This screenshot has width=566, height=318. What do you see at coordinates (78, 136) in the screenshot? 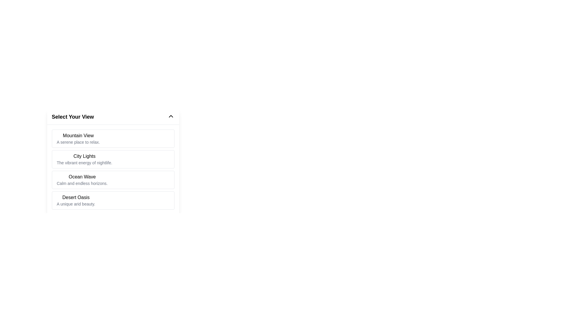
I see `the 'Mountain View' text label, which is the title of the first option in the list under 'Select Your View.'` at bounding box center [78, 136].